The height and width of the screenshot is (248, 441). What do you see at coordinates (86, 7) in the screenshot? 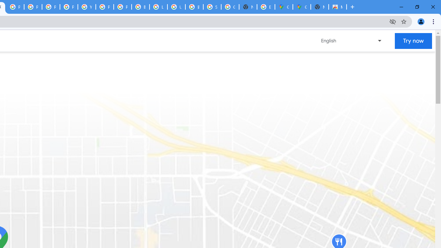
I see `'YouTube'` at bounding box center [86, 7].